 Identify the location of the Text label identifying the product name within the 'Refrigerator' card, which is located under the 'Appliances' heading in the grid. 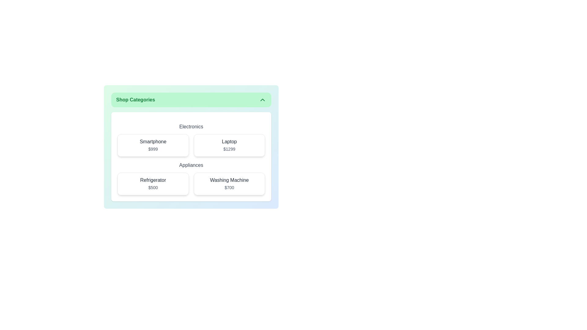
(153, 180).